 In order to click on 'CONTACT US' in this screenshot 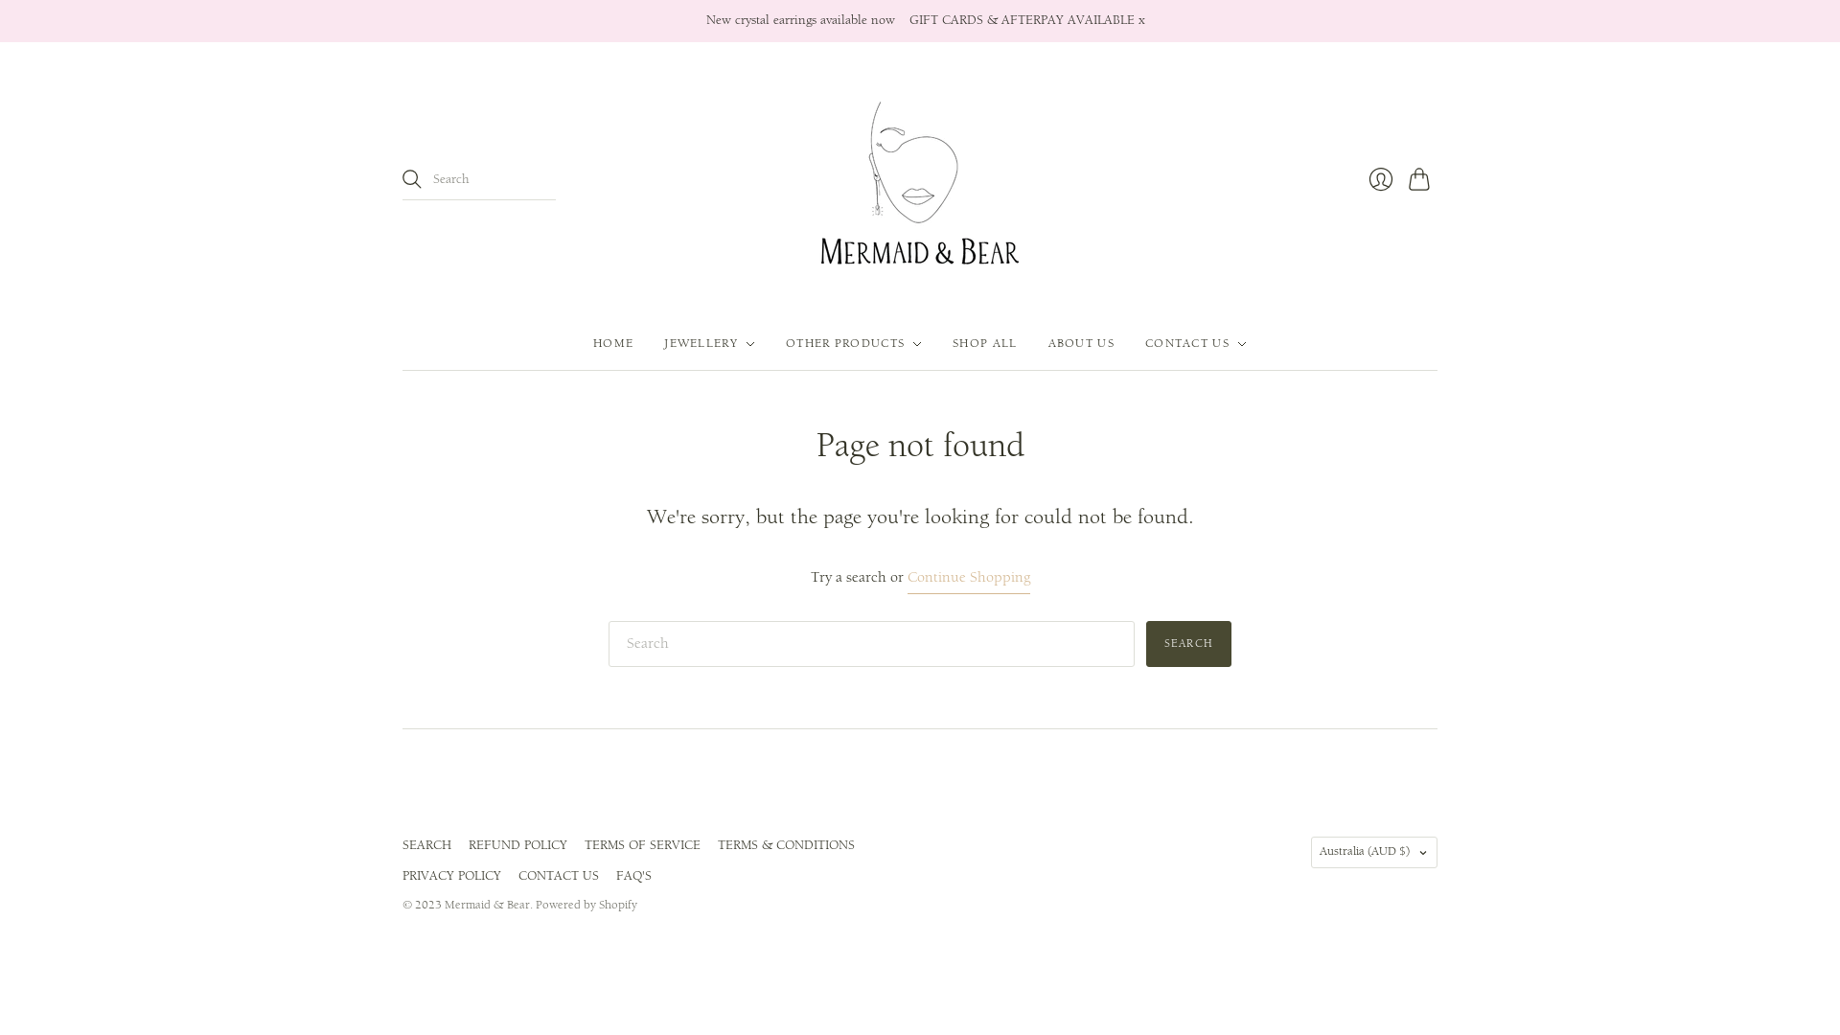, I will do `click(557, 876)`.